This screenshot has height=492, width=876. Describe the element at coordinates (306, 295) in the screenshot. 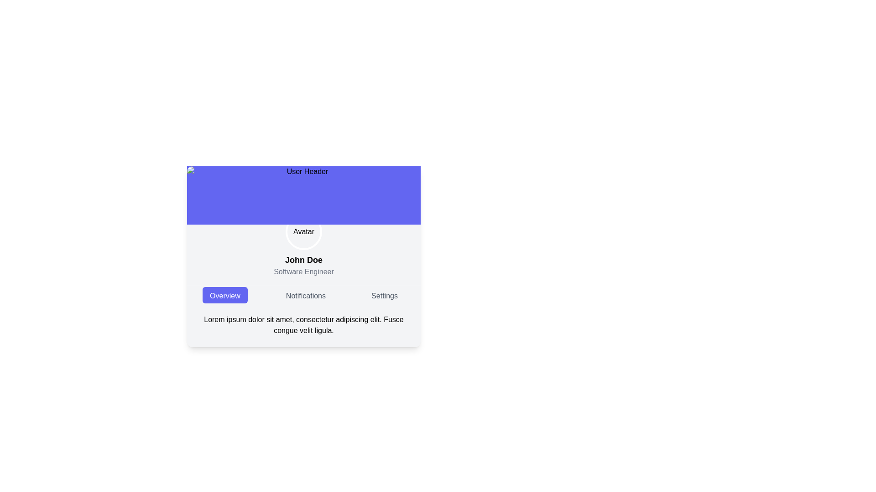

I see `the navigation button located in the middle of the horizontal menu bar at the bottom of the user card component` at that location.